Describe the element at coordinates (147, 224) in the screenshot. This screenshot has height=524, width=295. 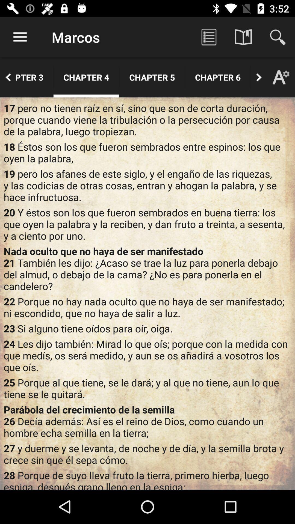
I see `item below the 19 pero los` at that location.